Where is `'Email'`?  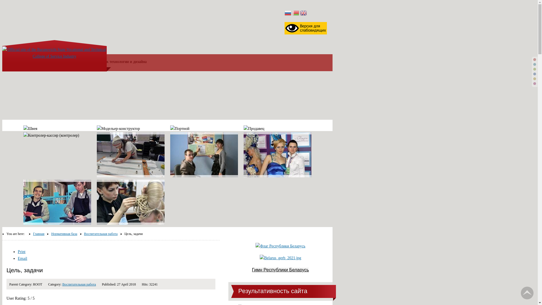
'Email' is located at coordinates (18, 258).